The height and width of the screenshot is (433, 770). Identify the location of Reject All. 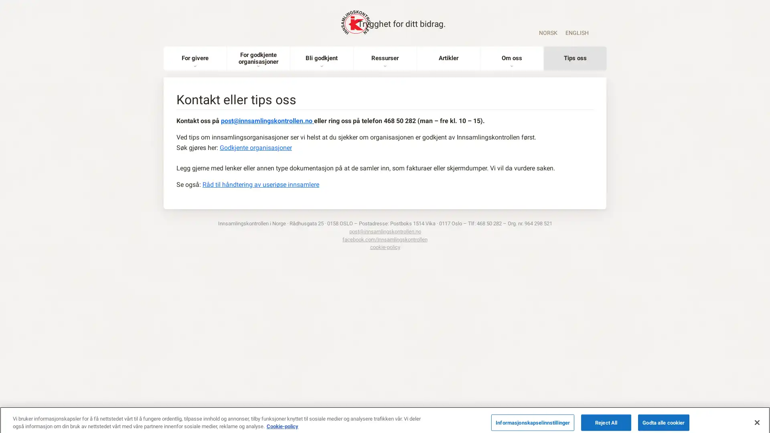
(606, 415).